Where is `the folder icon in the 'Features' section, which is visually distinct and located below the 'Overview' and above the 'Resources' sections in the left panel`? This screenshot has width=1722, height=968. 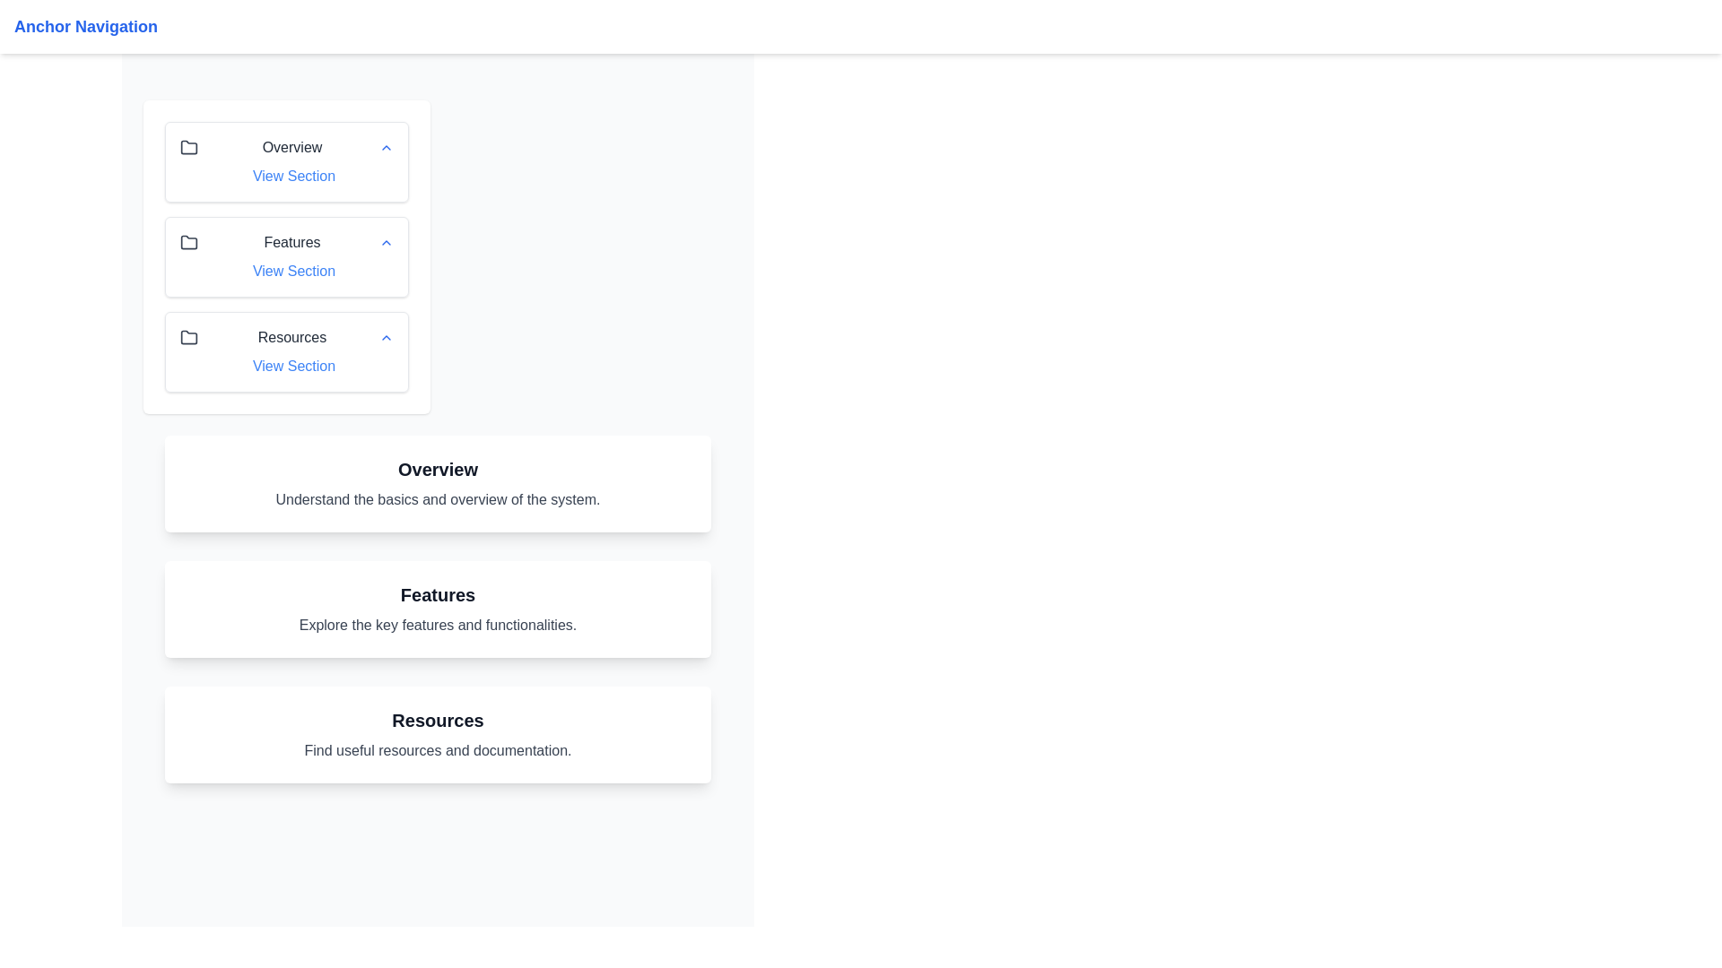 the folder icon in the 'Features' section, which is visually distinct and located below the 'Overview' and above the 'Resources' sections in the left panel is located at coordinates (189, 242).